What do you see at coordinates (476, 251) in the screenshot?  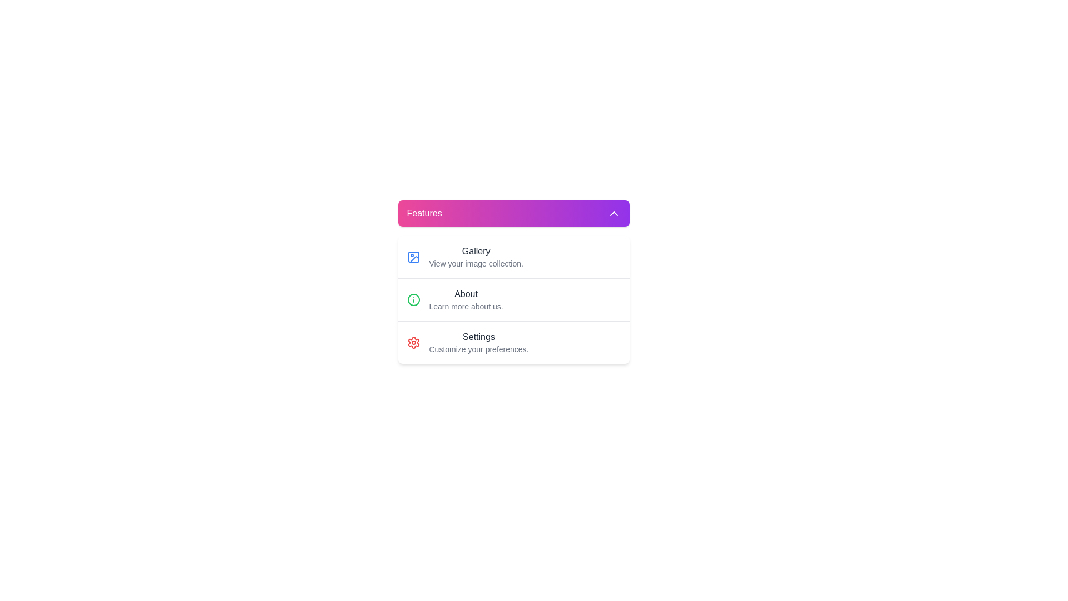 I see `the 'Gallery' text label, which is a medium-sized, dark gray label positioned at the top of the dropdown menu under 'Features'` at bounding box center [476, 251].